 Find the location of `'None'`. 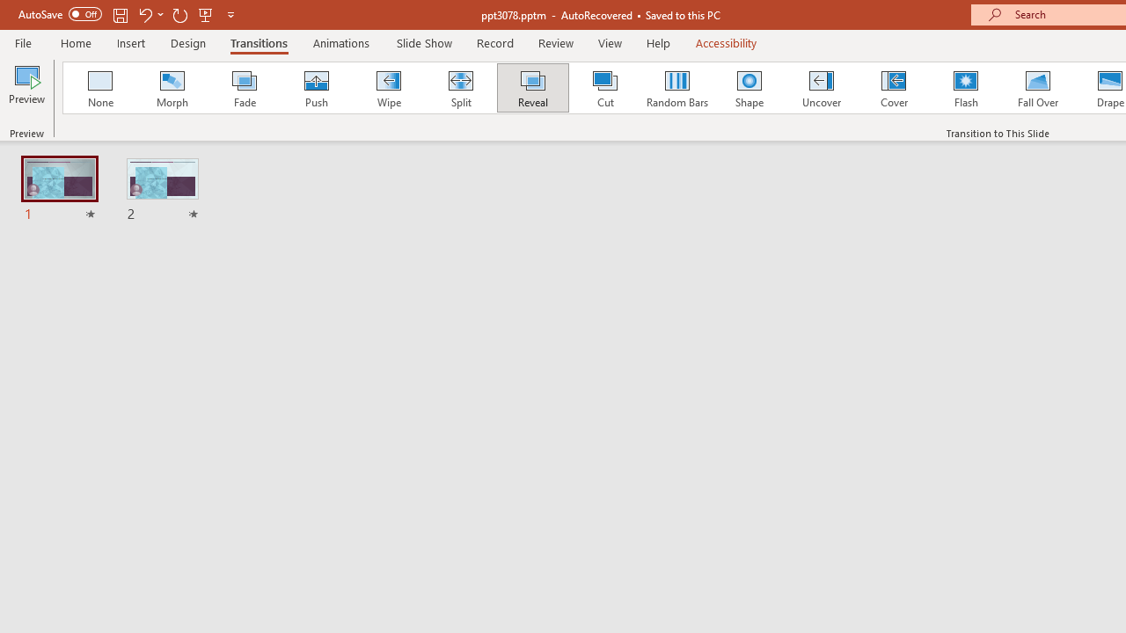

'None' is located at coordinates (99, 88).